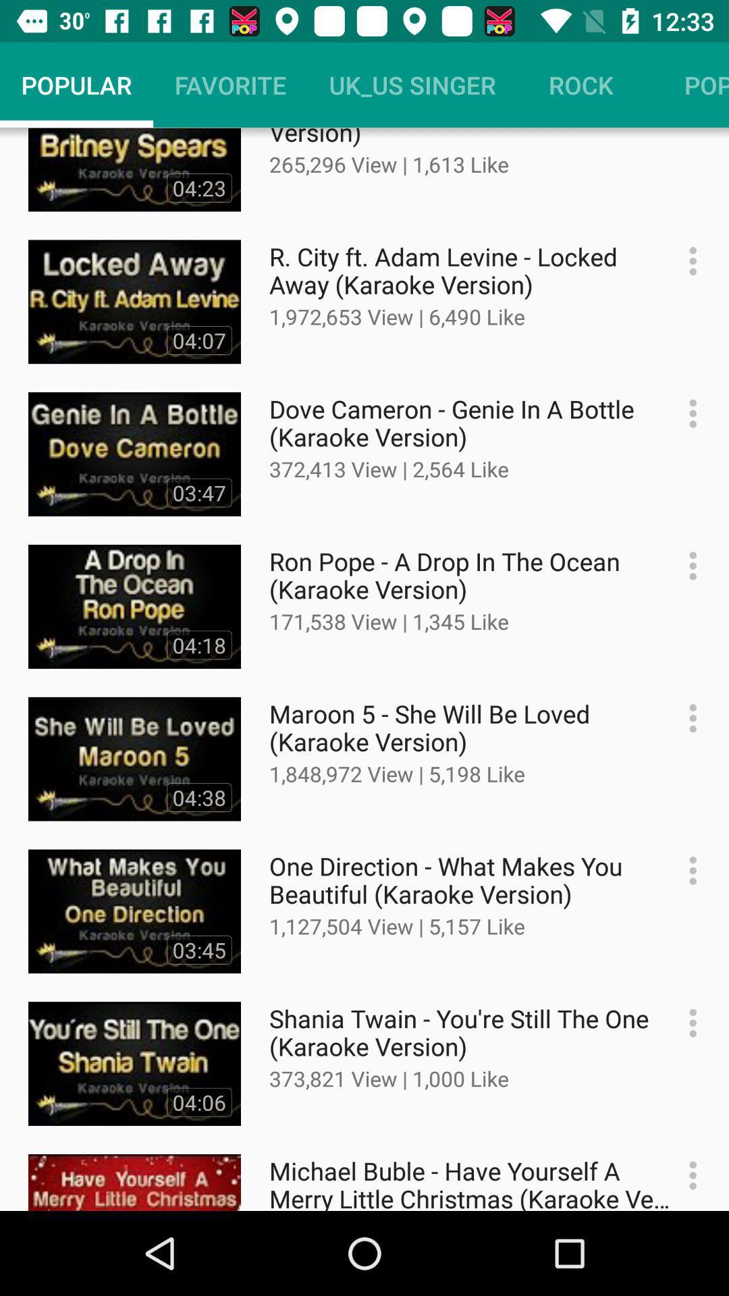  What do you see at coordinates (686, 1023) in the screenshot?
I see `get more information about the video` at bounding box center [686, 1023].